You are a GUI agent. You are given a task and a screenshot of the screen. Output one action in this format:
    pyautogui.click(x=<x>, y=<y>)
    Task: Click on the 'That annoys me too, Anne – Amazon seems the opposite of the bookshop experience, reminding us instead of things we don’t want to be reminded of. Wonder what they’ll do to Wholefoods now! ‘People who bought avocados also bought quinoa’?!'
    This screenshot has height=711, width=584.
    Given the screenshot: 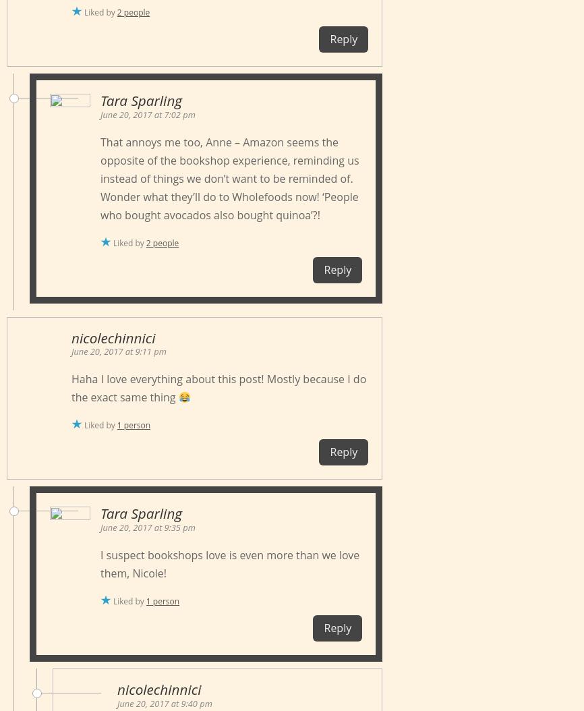 What is the action you would take?
    pyautogui.click(x=229, y=178)
    